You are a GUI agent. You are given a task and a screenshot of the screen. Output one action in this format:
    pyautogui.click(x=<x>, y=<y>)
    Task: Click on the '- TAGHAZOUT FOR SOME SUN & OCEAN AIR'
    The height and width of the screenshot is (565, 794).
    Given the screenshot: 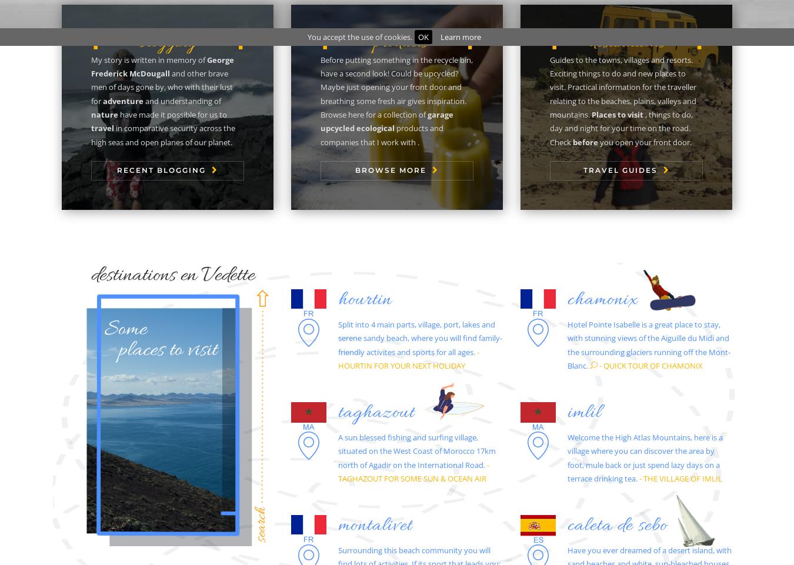 What is the action you would take?
    pyautogui.click(x=338, y=470)
    